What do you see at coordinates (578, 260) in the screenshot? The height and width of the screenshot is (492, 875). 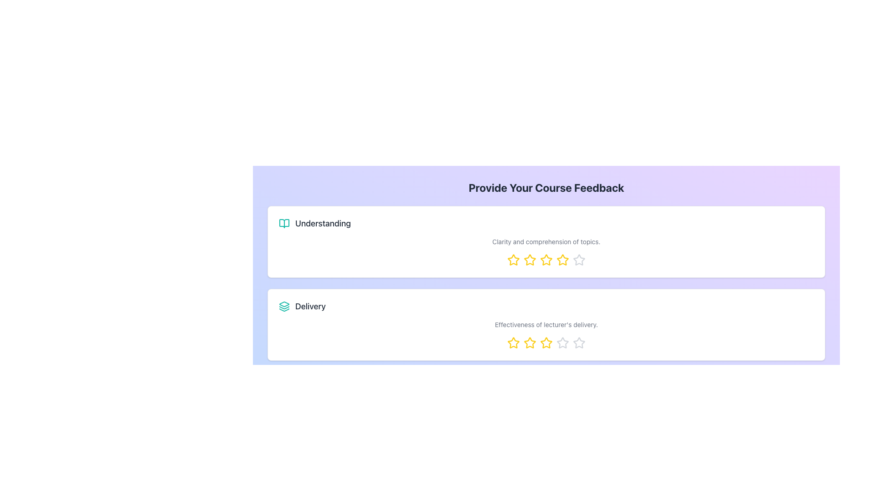 I see `the fifth star icon in the 'Understanding' feedback section to set a five-star rating` at bounding box center [578, 260].